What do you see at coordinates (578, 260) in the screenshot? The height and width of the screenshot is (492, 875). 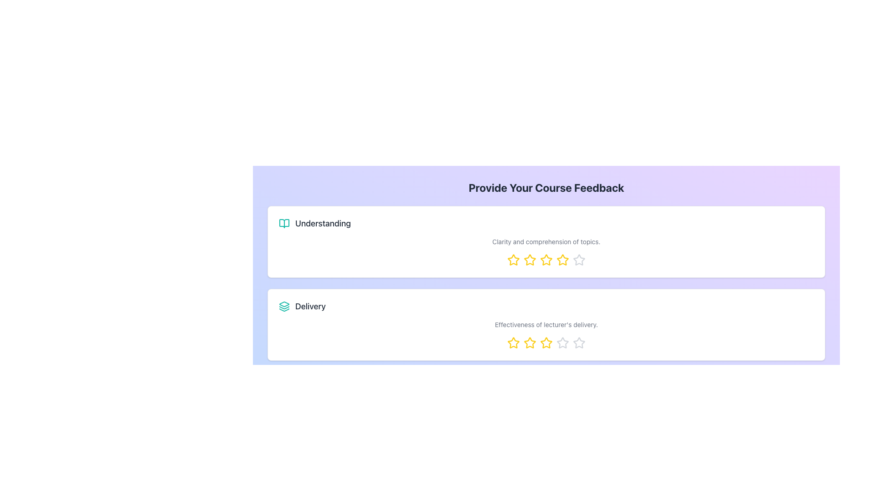 I see `the fifth star icon in the 'Understanding' feedback section to set a five-star rating` at bounding box center [578, 260].